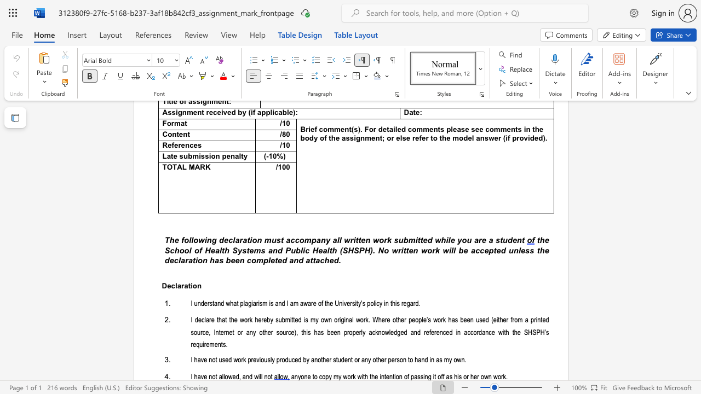 This screenshot has width=701, height=394. What do you see at coordinates (198, 240) in the screenshot?
I see `the space between the continuous character "o" and "w" in the text` at bounding box center [198, 240].